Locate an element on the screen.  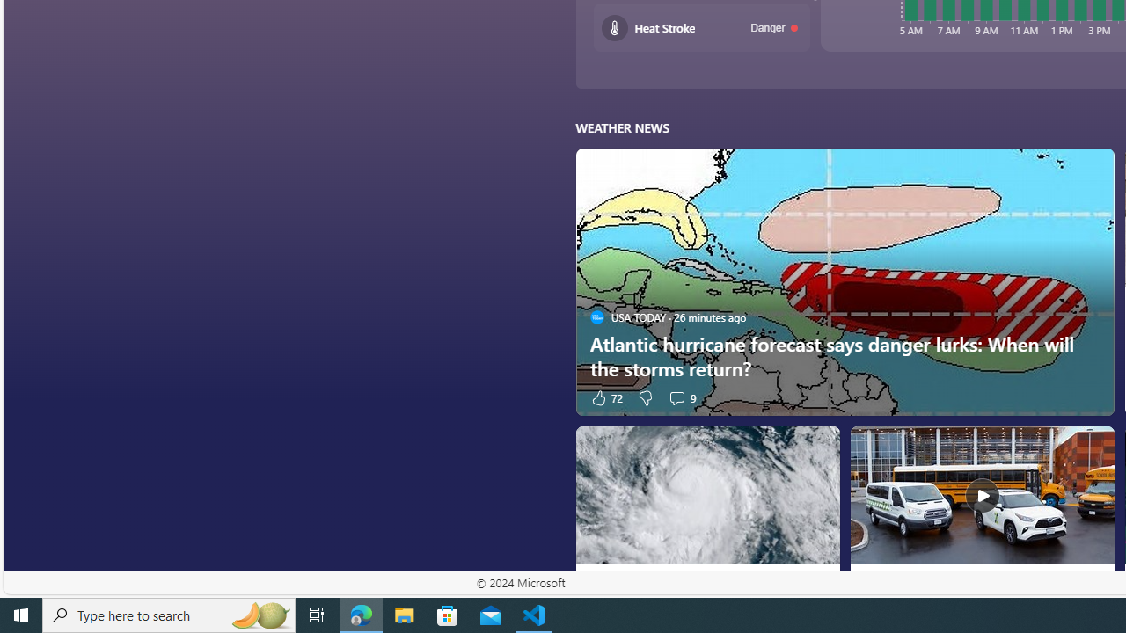
'View comments 9 Comment' is located at coordinates (681, 397).